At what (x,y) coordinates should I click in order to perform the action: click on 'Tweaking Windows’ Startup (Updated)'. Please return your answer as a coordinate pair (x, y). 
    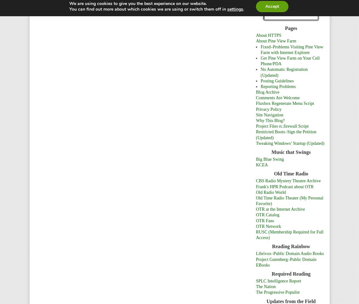
    Looking at the image, I should click on (290, 143).